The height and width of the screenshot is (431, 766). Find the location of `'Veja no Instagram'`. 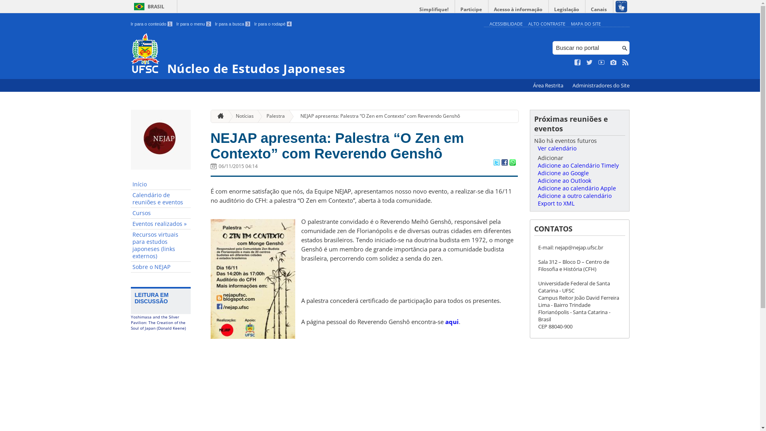

'Veja no Instagram' is located at coordinates (610, 62).